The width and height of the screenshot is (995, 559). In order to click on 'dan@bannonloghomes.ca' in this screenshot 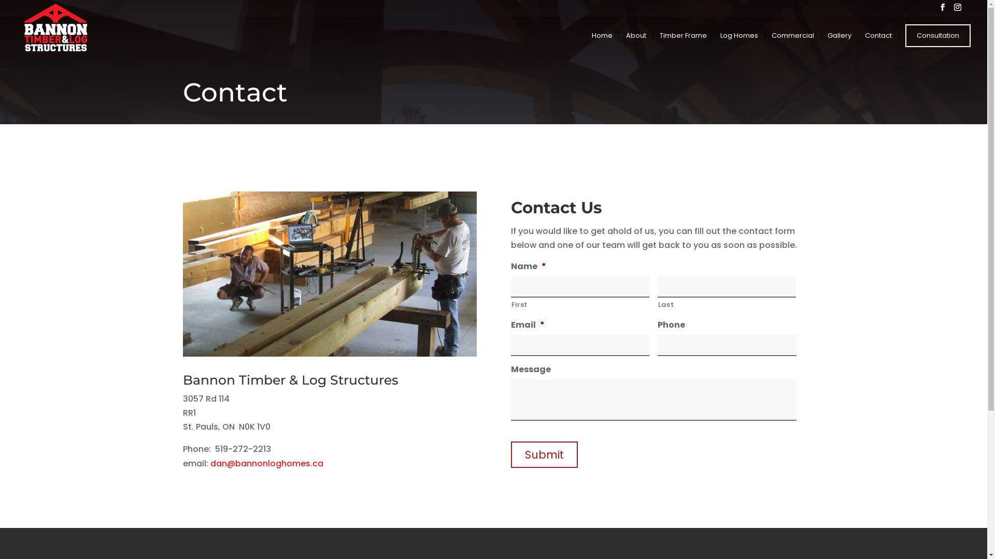, I will do `click(266, 463)`.